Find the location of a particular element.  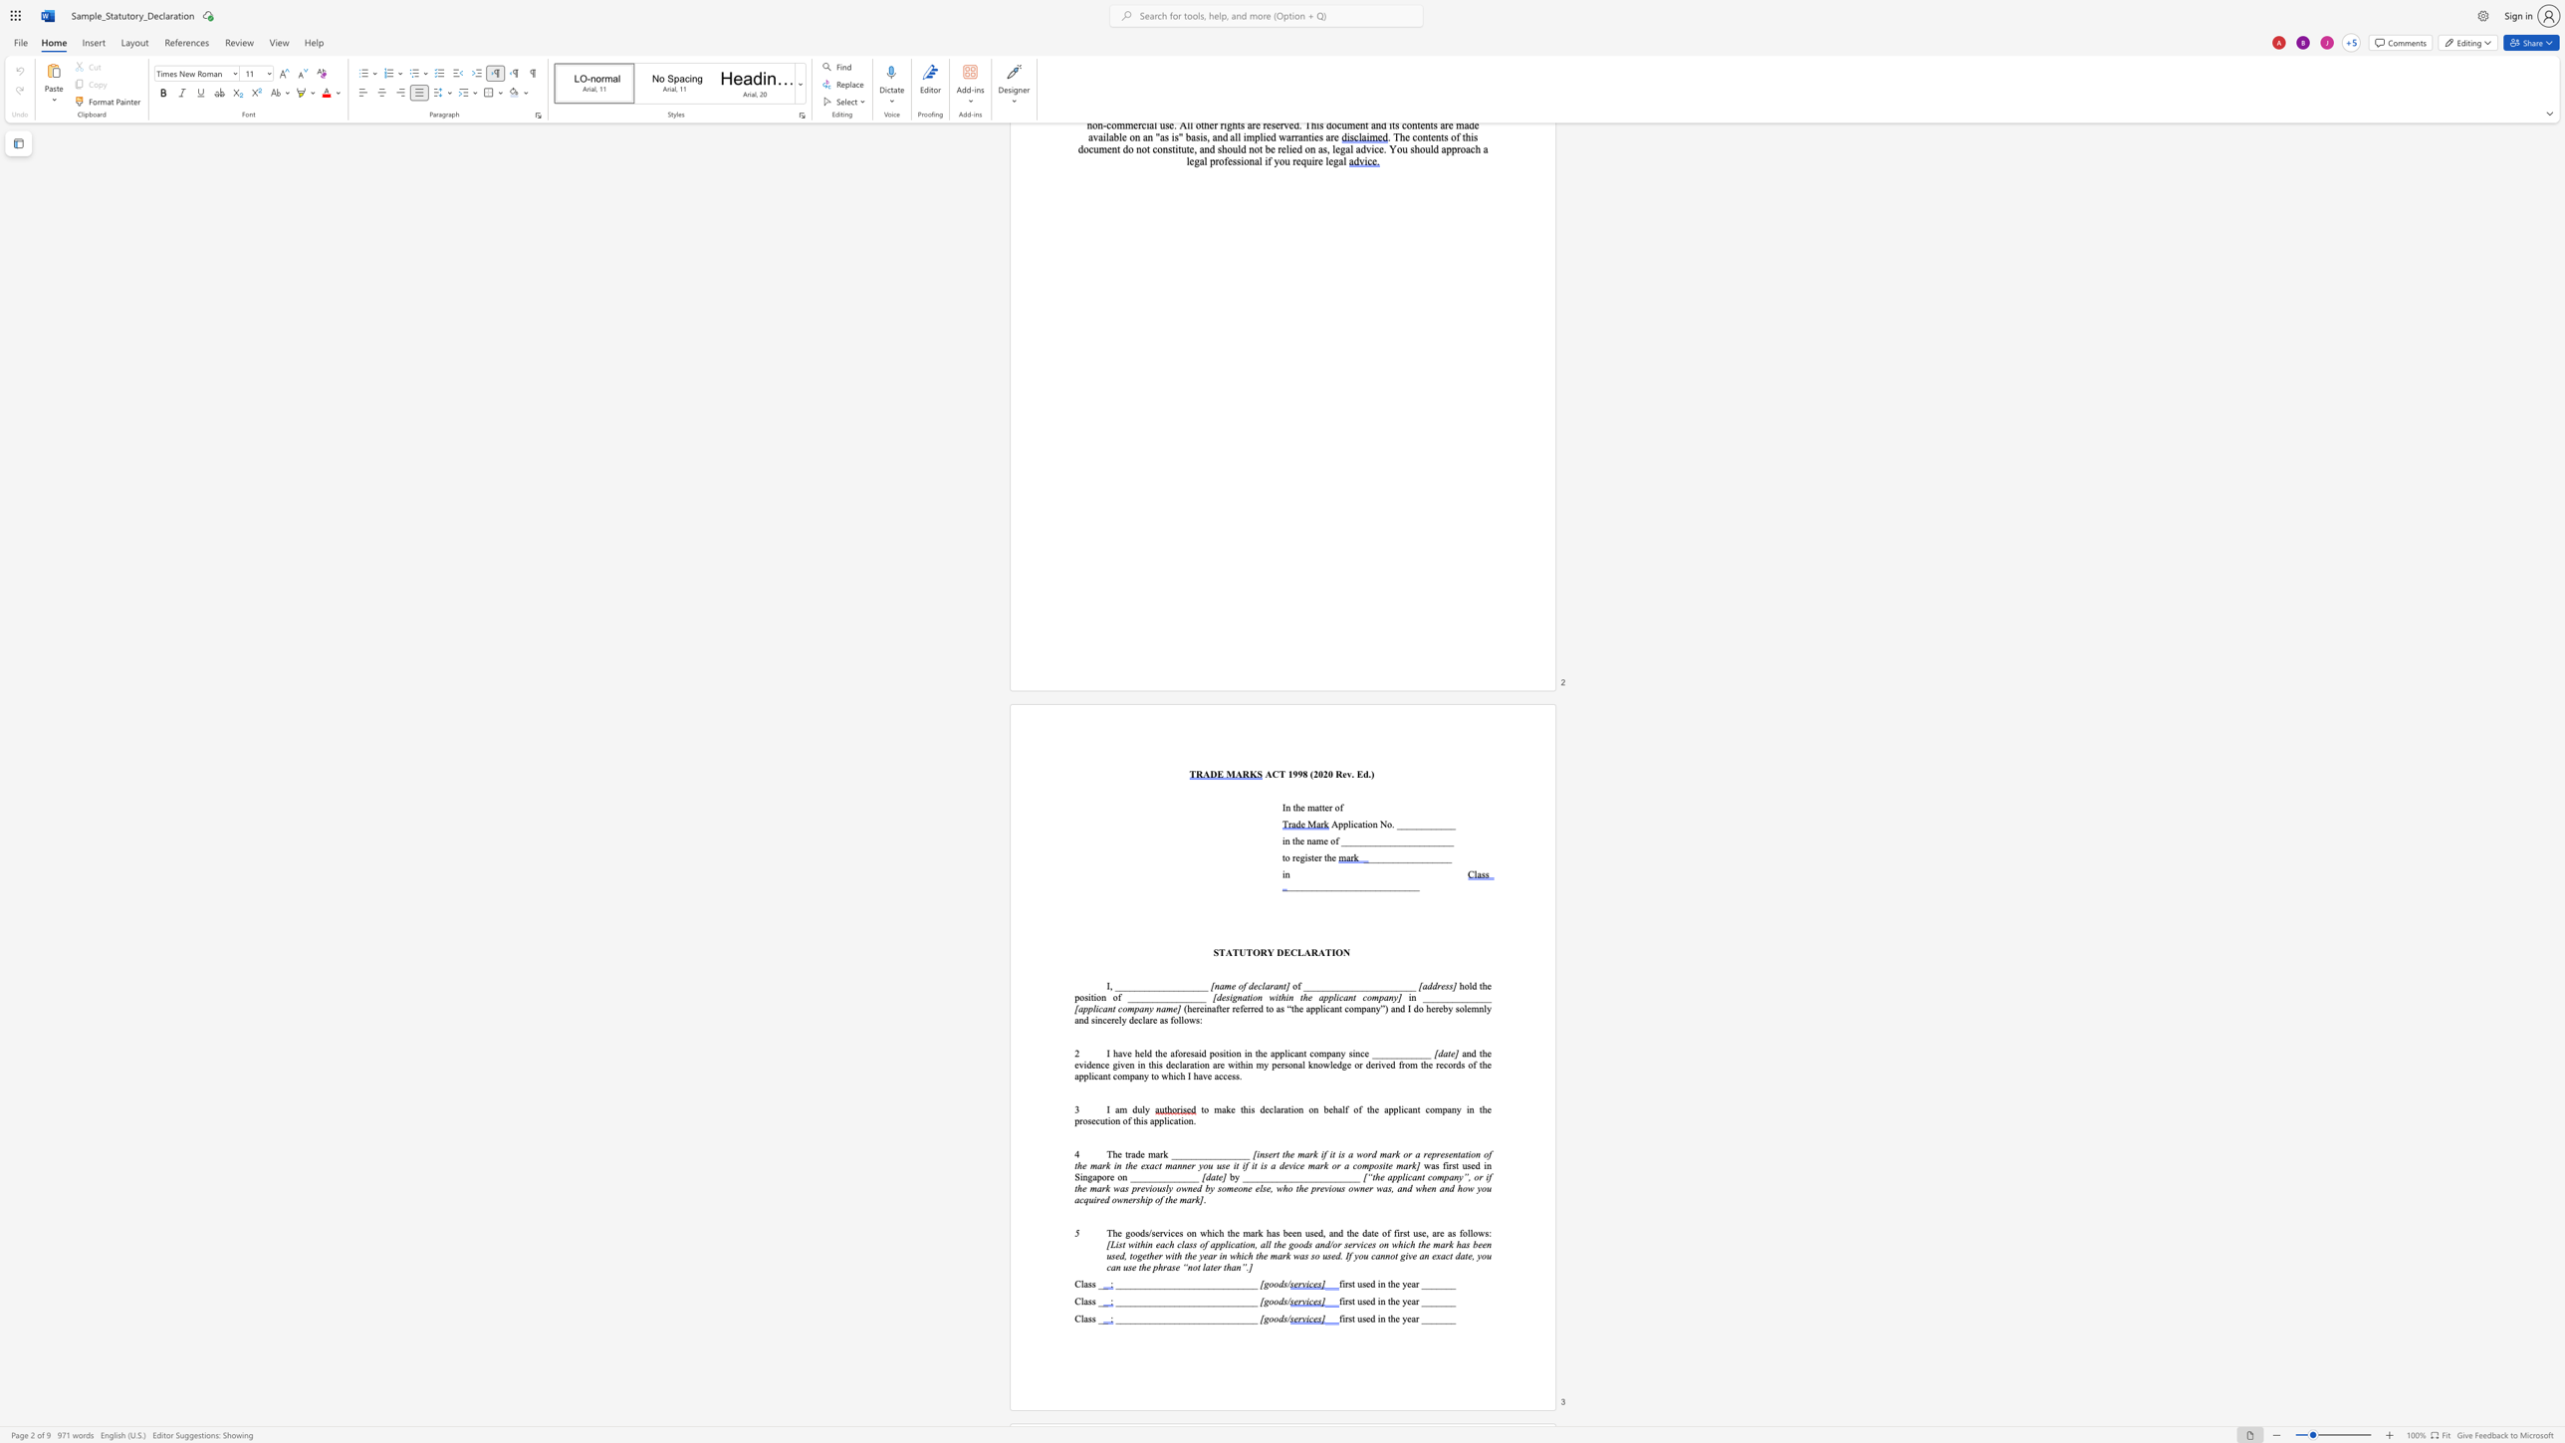

the 4th character "h" in the text is located at coordinates (1232, 1231).